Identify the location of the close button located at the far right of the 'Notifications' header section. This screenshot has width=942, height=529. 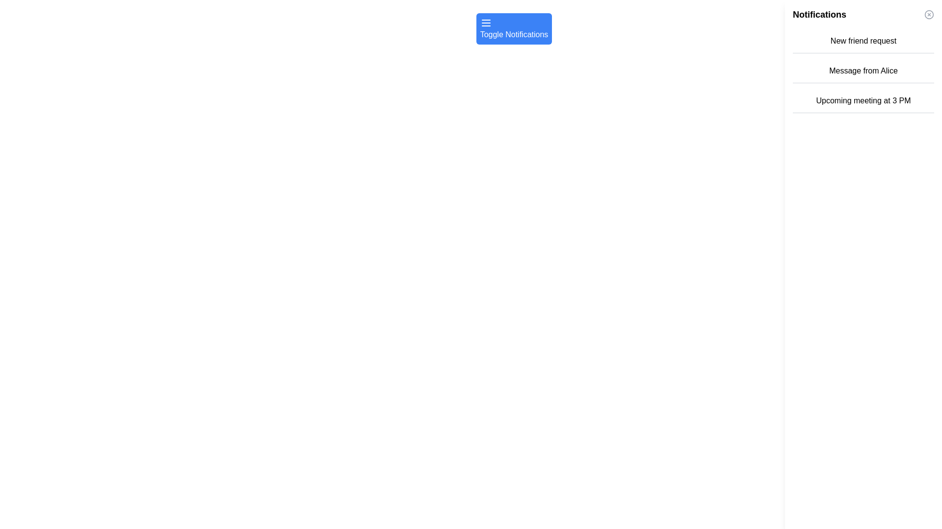
(929, 15).